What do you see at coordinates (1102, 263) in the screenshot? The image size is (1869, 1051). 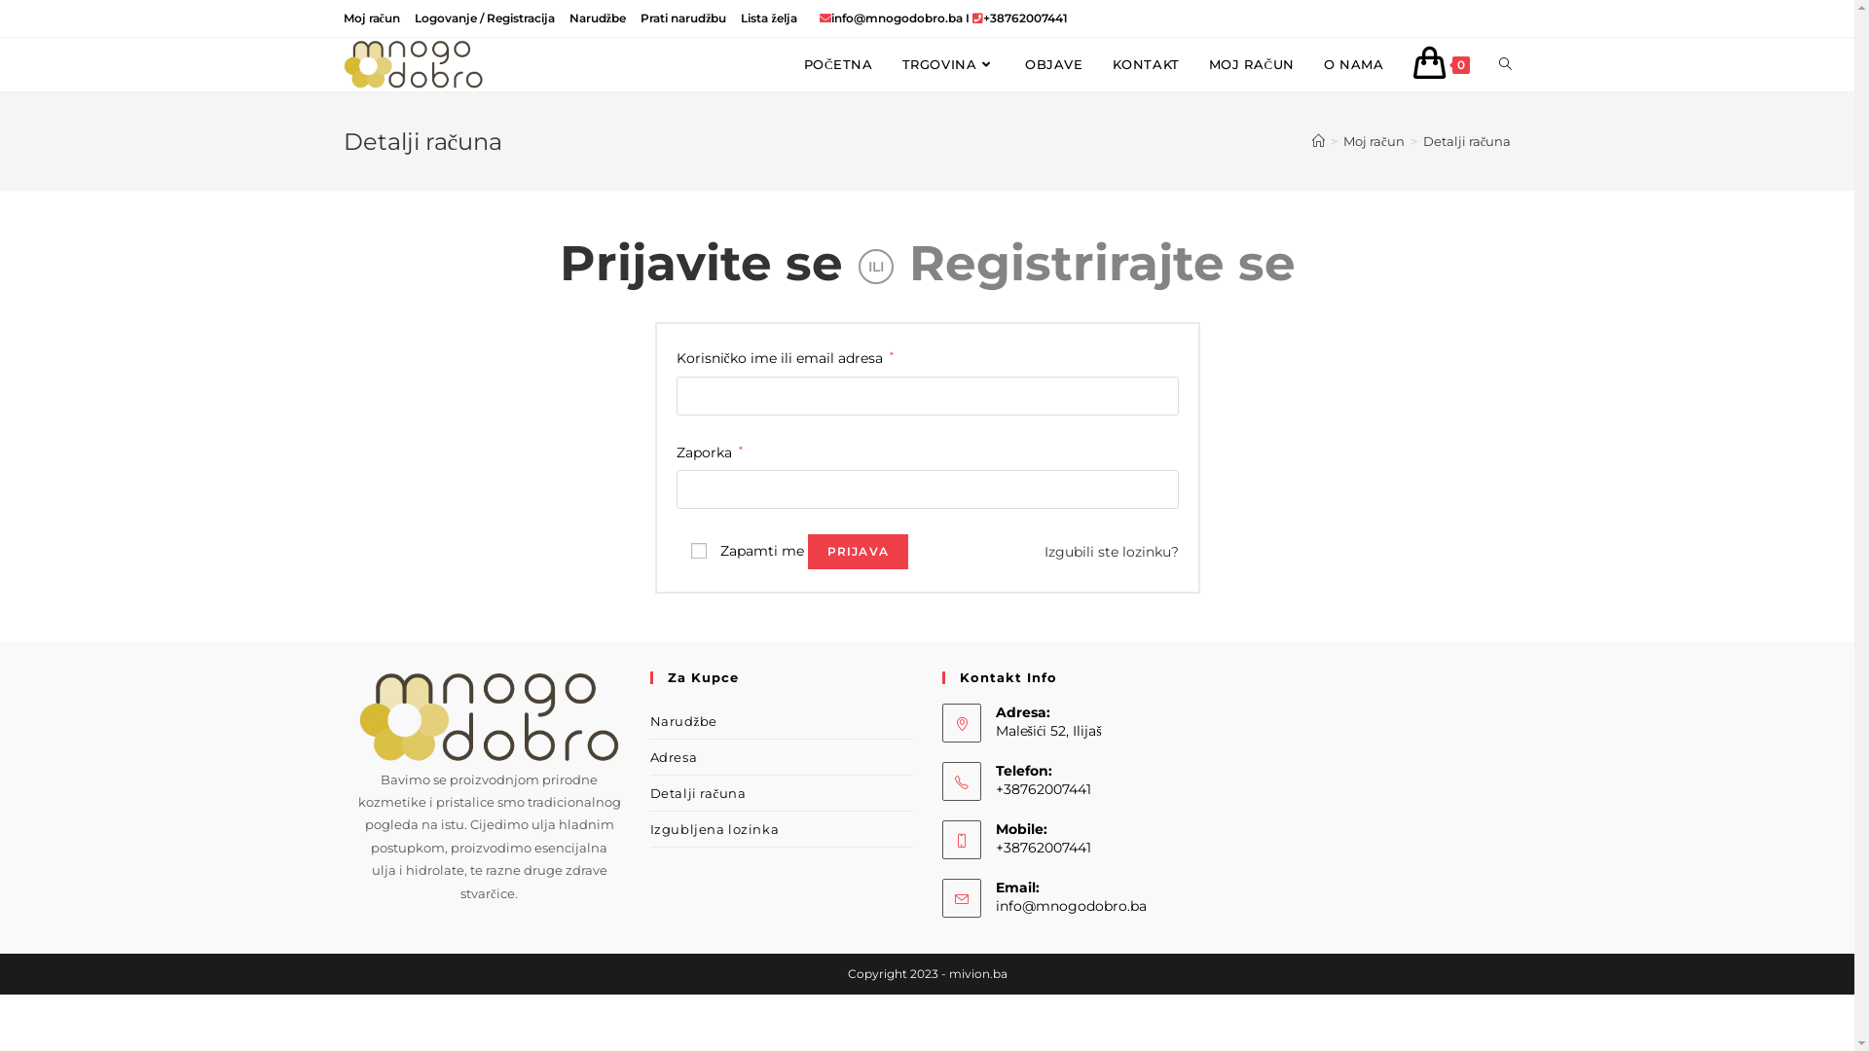 I see `'Registrirajte se'` at bounding box center [1102, 263].